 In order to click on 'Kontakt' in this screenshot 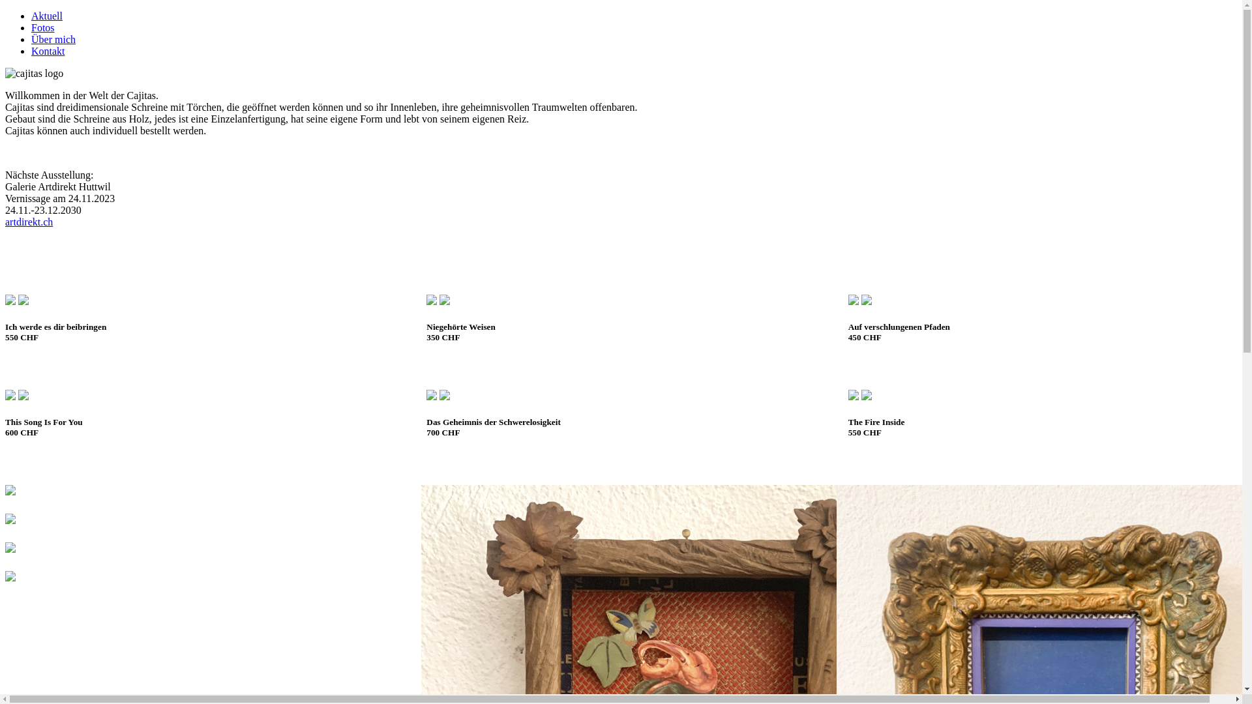, I will do `click(31, 50)`.